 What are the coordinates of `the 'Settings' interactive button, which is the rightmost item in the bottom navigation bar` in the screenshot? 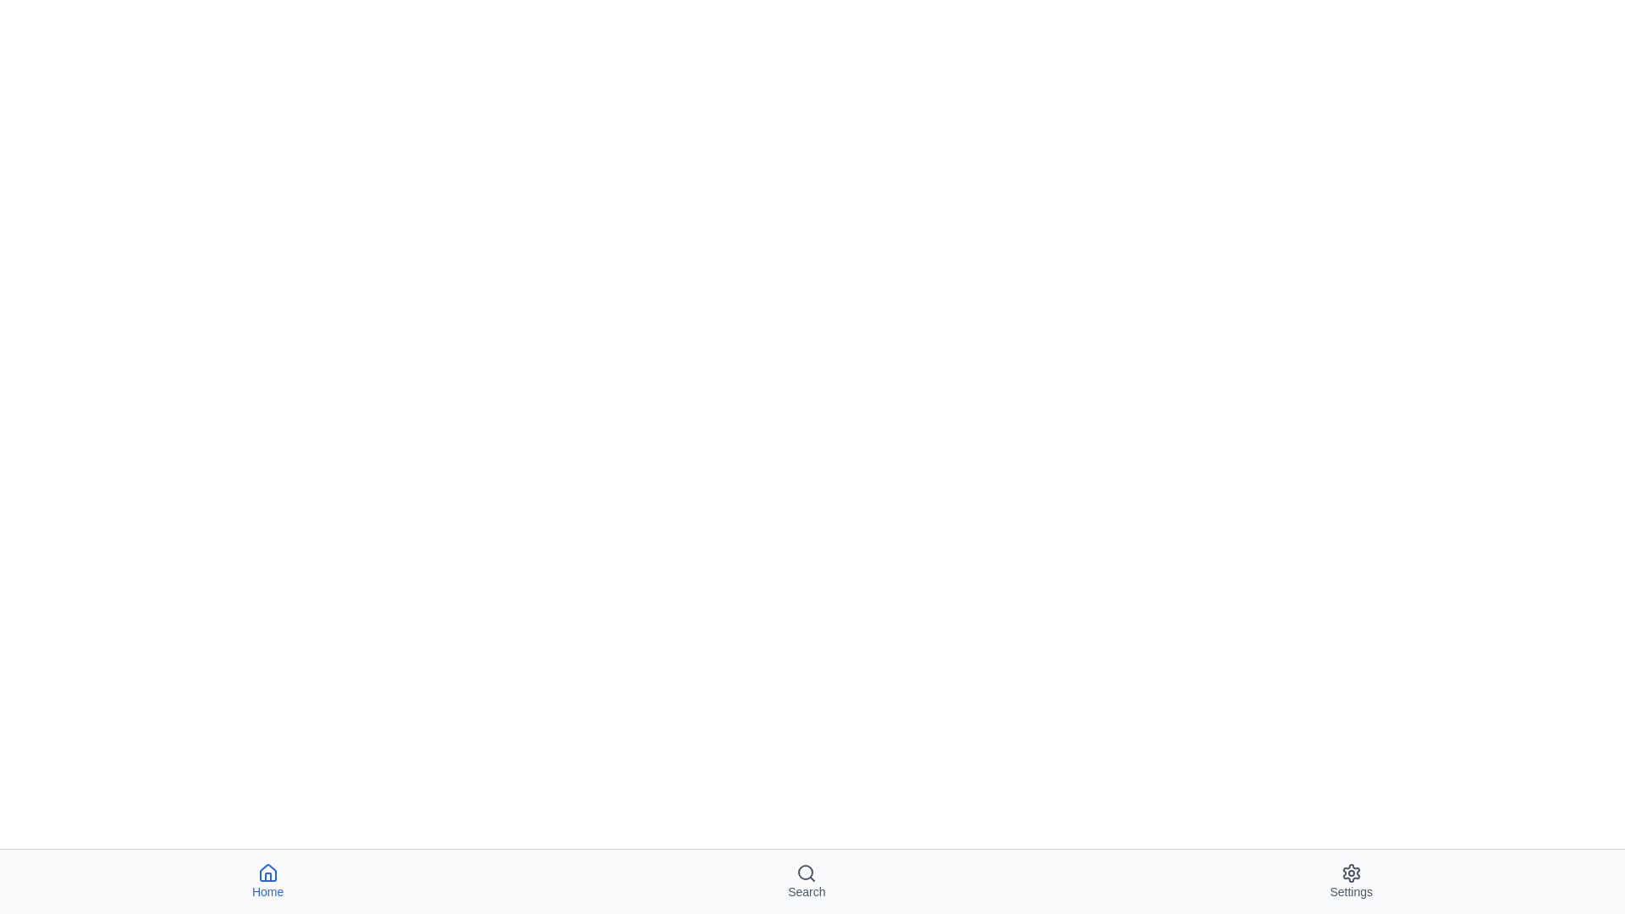 It's located at (1350, 880).